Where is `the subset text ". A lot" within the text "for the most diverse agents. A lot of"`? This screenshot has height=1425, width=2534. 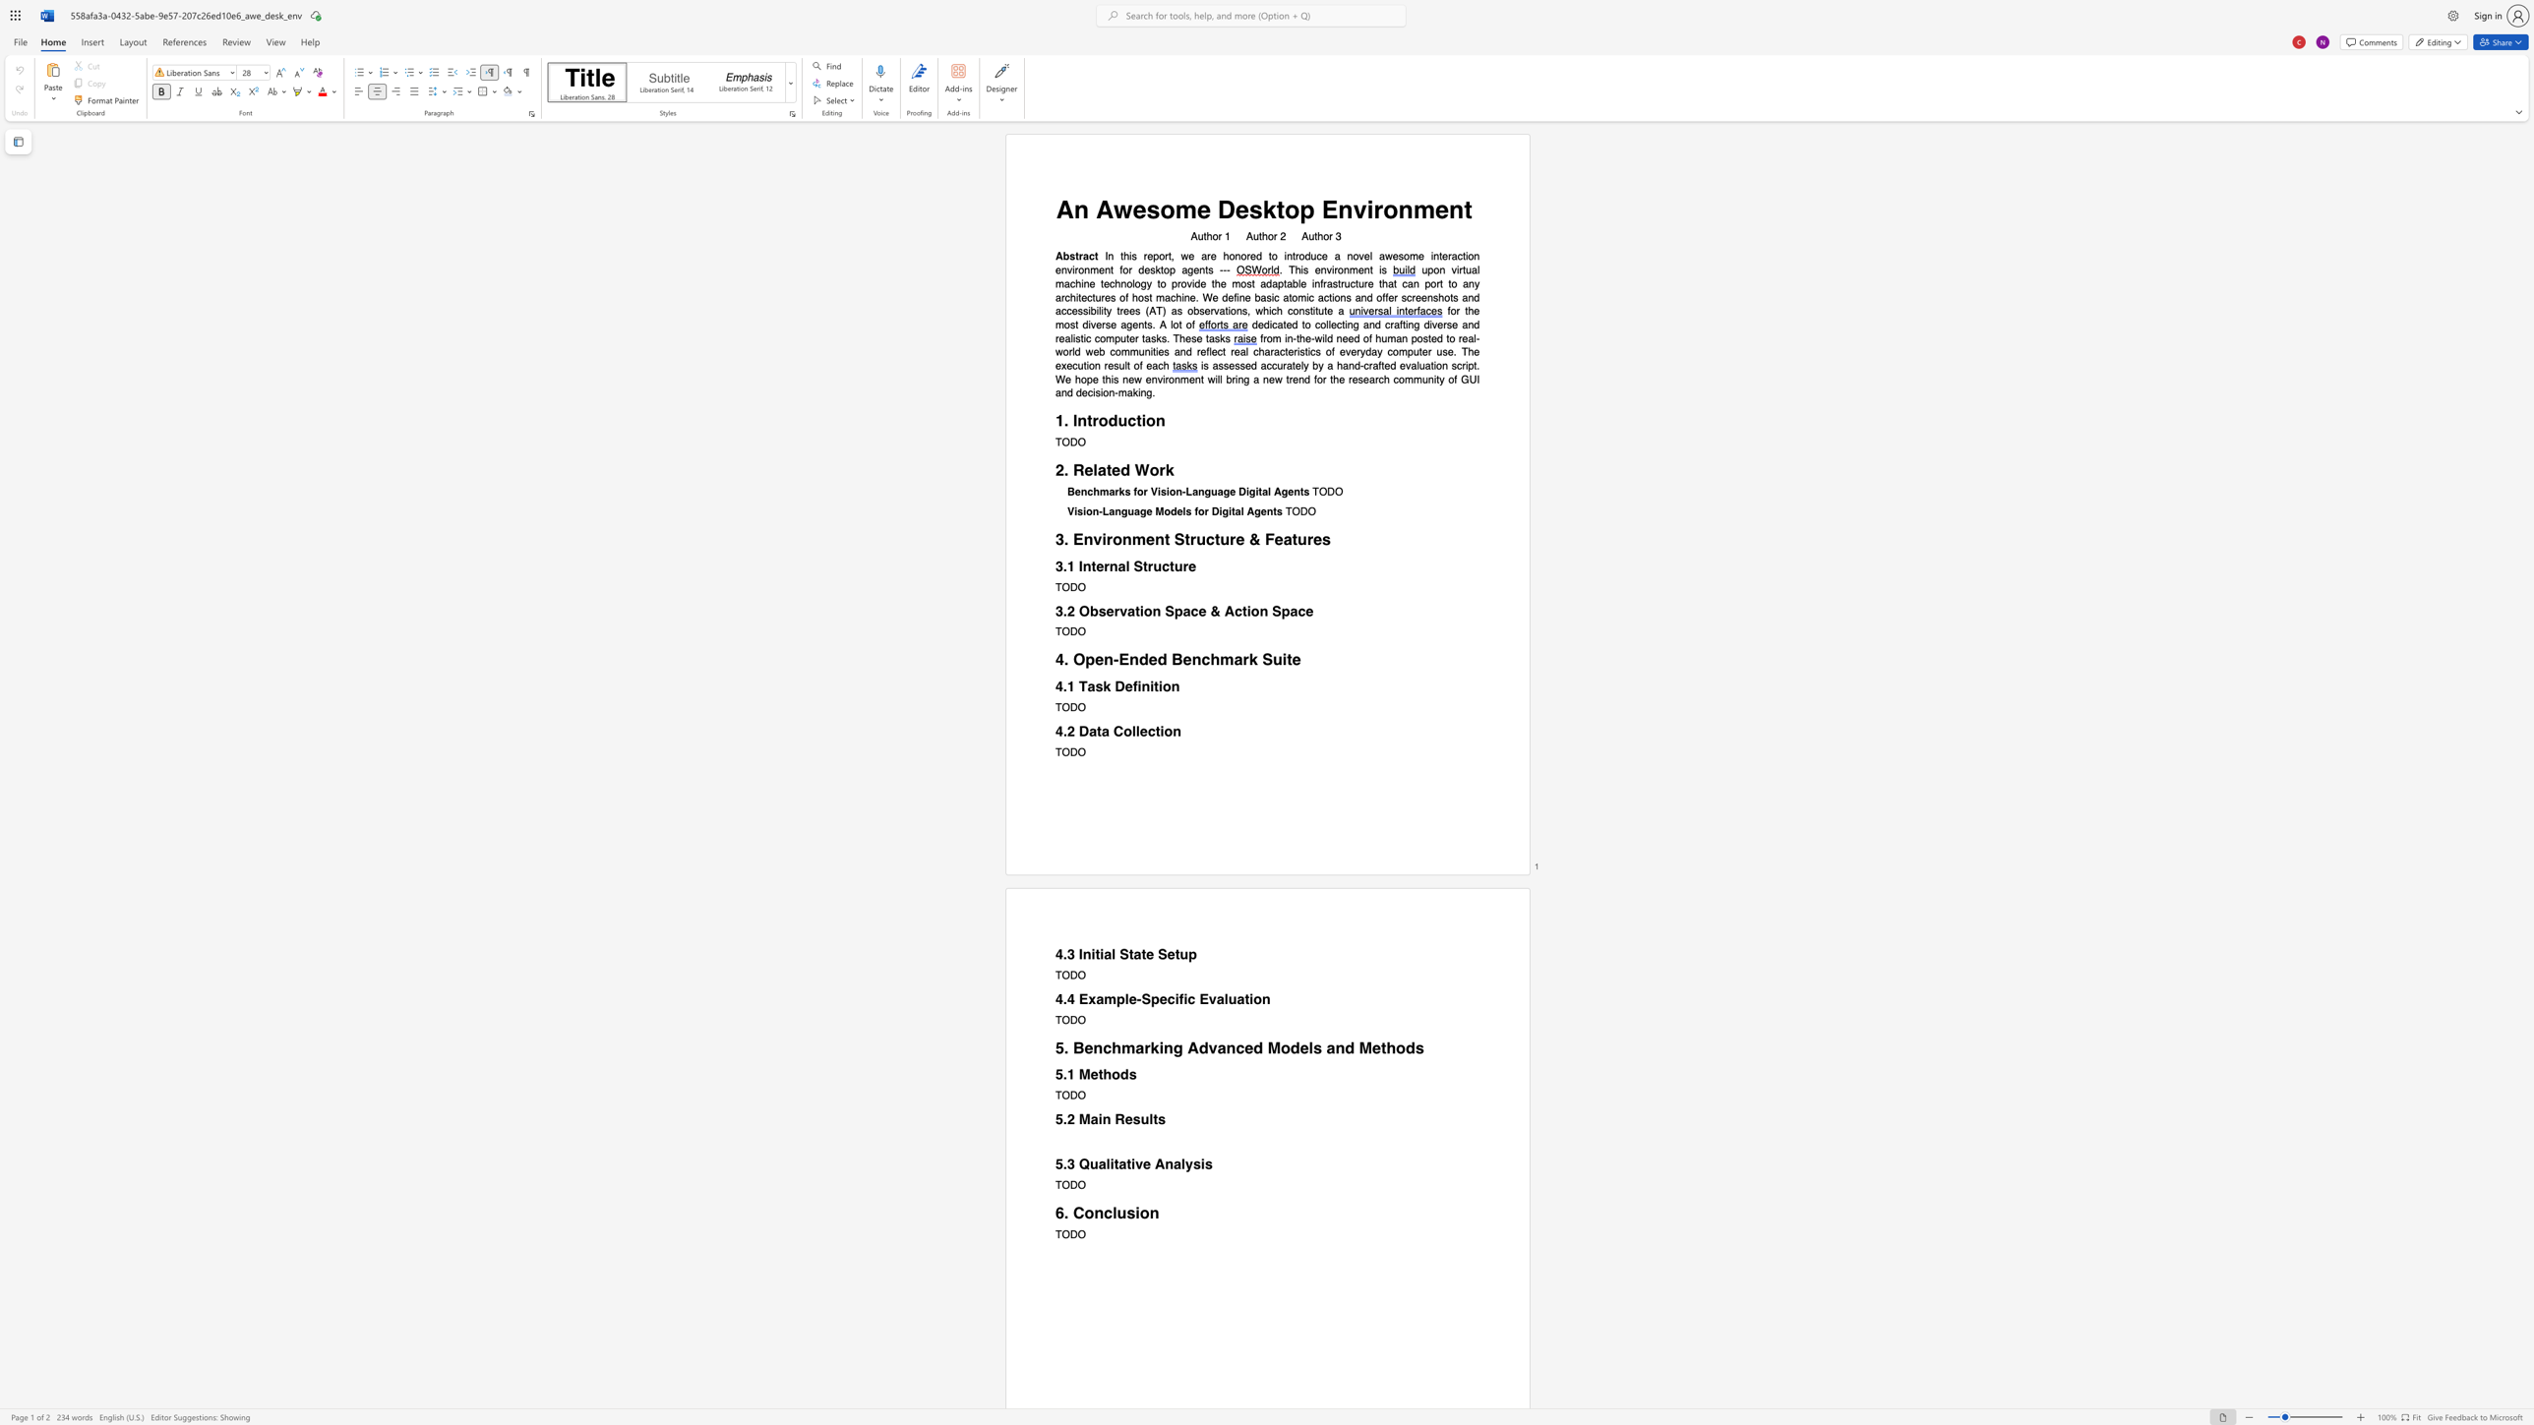
the subset text ". A lot" within the text "for the most diverse agents. A lot of" is located at coordinates (1152, 324).